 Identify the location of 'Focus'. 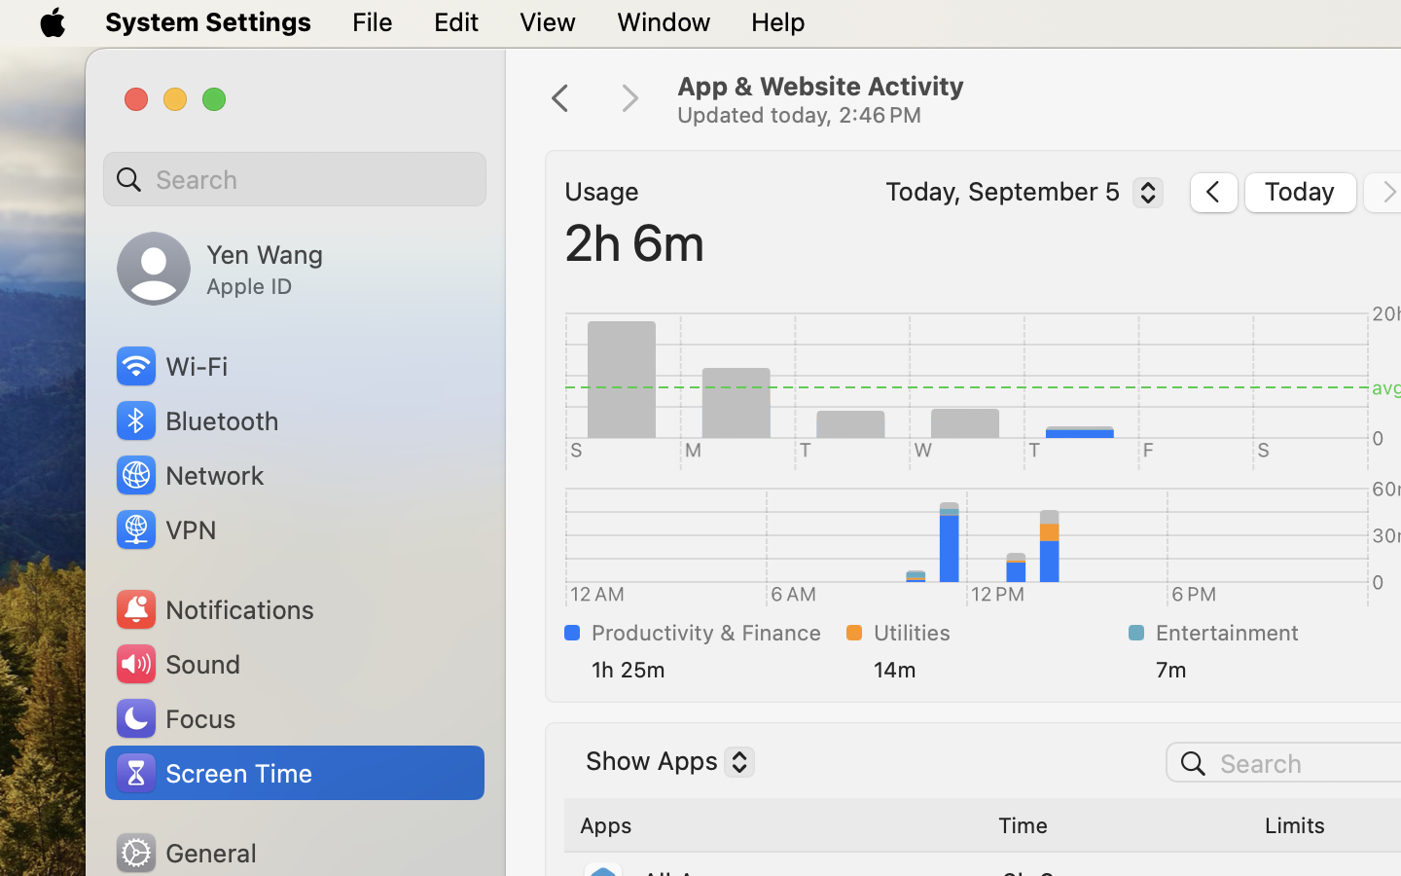
(172, 717).